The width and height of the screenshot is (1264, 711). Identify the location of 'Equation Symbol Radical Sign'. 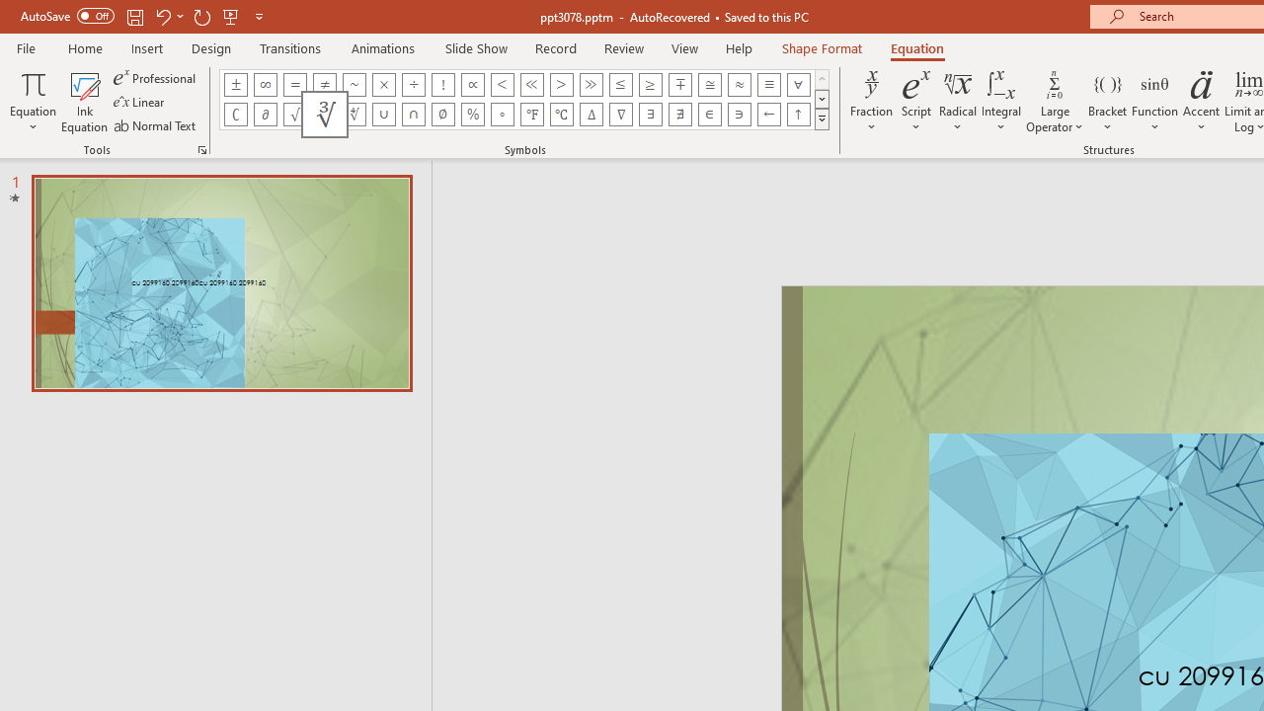
(293, 114).